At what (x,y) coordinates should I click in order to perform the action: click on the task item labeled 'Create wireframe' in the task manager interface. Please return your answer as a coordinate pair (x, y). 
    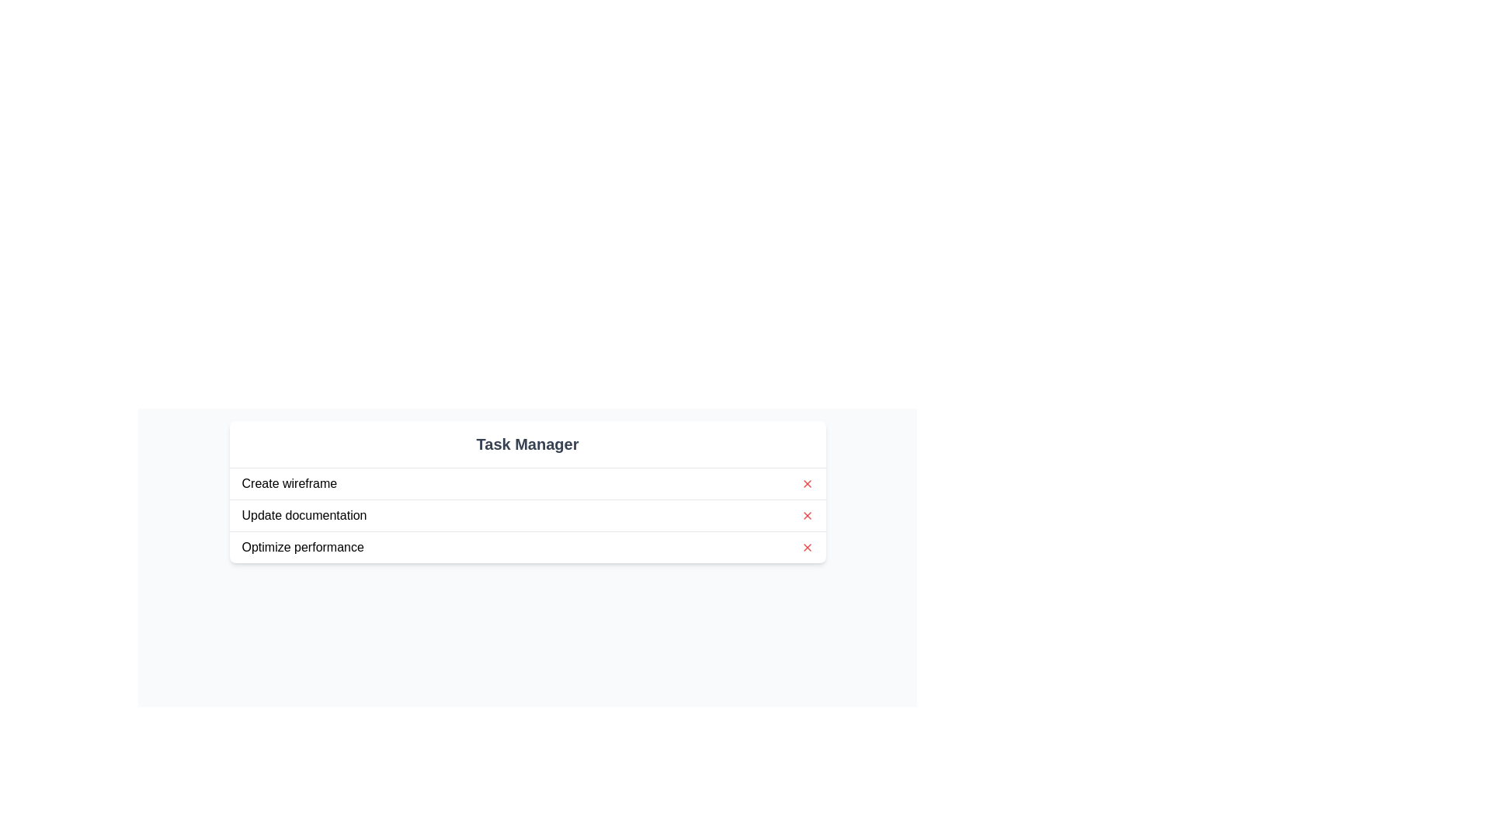
    Looking at the image, I should click on (527, 483).